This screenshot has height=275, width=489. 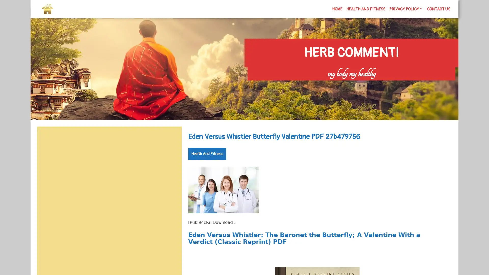 What do you see at coordinates (170, 139) in the screenshot?
I see `Search` at bounding box center [170, 139].